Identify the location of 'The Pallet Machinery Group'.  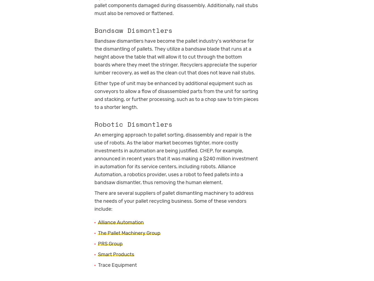
(129, 233).